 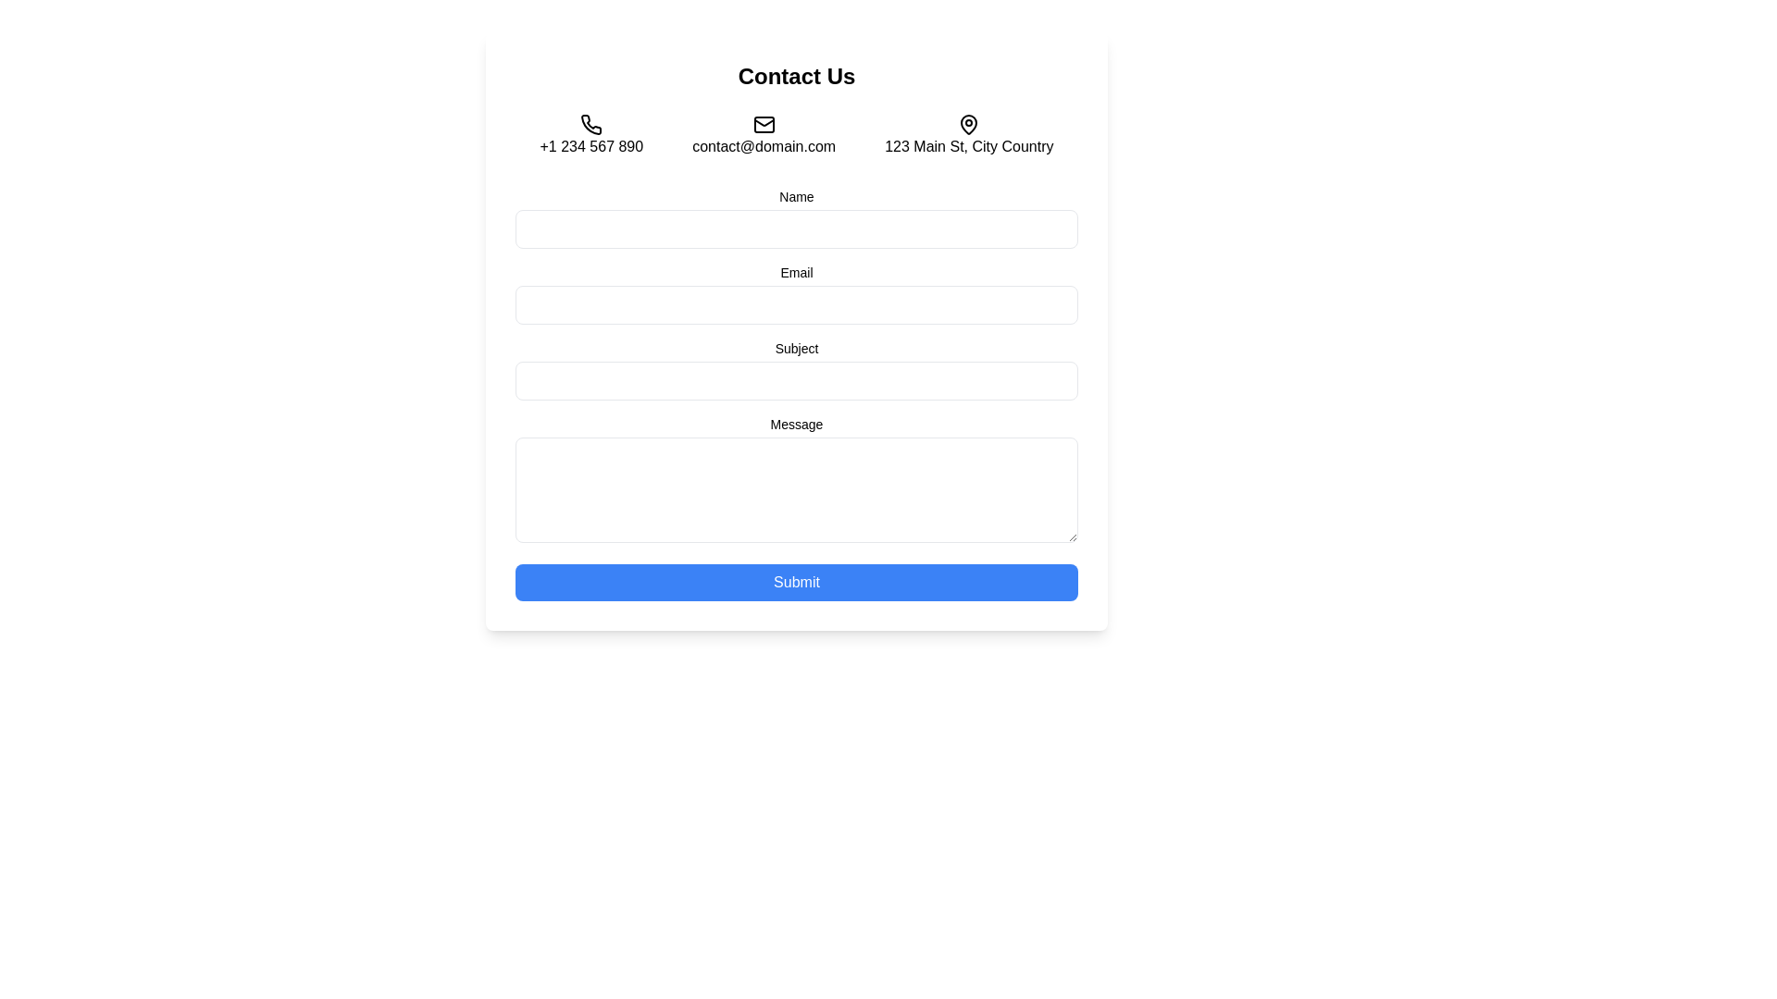 I want to click on the phone-shaped icon, which is the leftmost icon in a row of three icons near the top of the form, above the contact form fields, so click(x=590, y=125).